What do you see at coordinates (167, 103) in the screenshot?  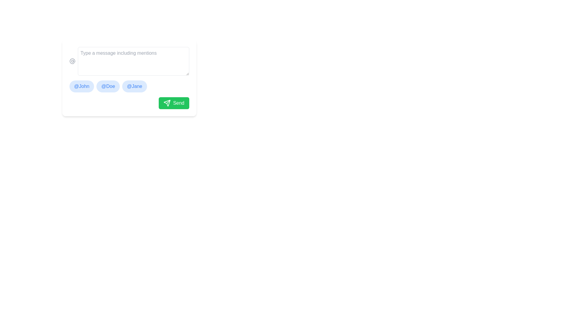 I see `the triangular 'send' icon that is styled in white on a green circular background, located within the 'Send' button at the bottom-right corner of the chat input field` at bounding box center [167, 103].